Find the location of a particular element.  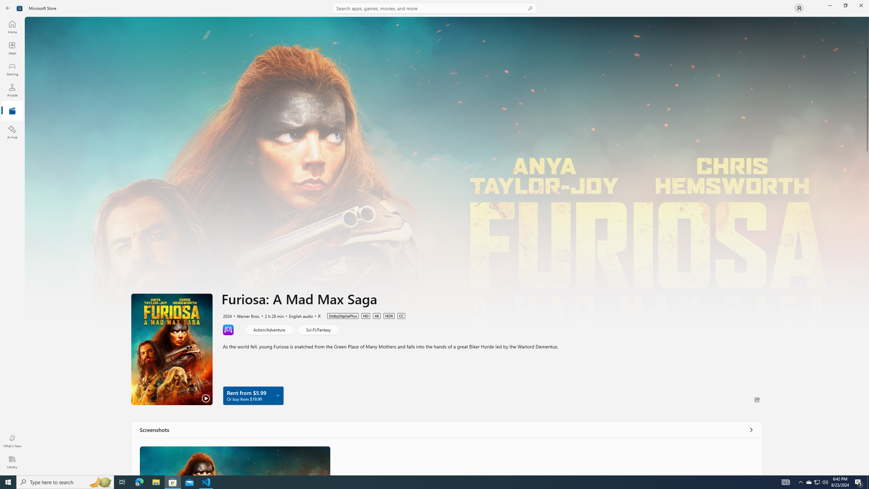

'Learn more about Movies Anywhere' is located at coordinates (228, 329).